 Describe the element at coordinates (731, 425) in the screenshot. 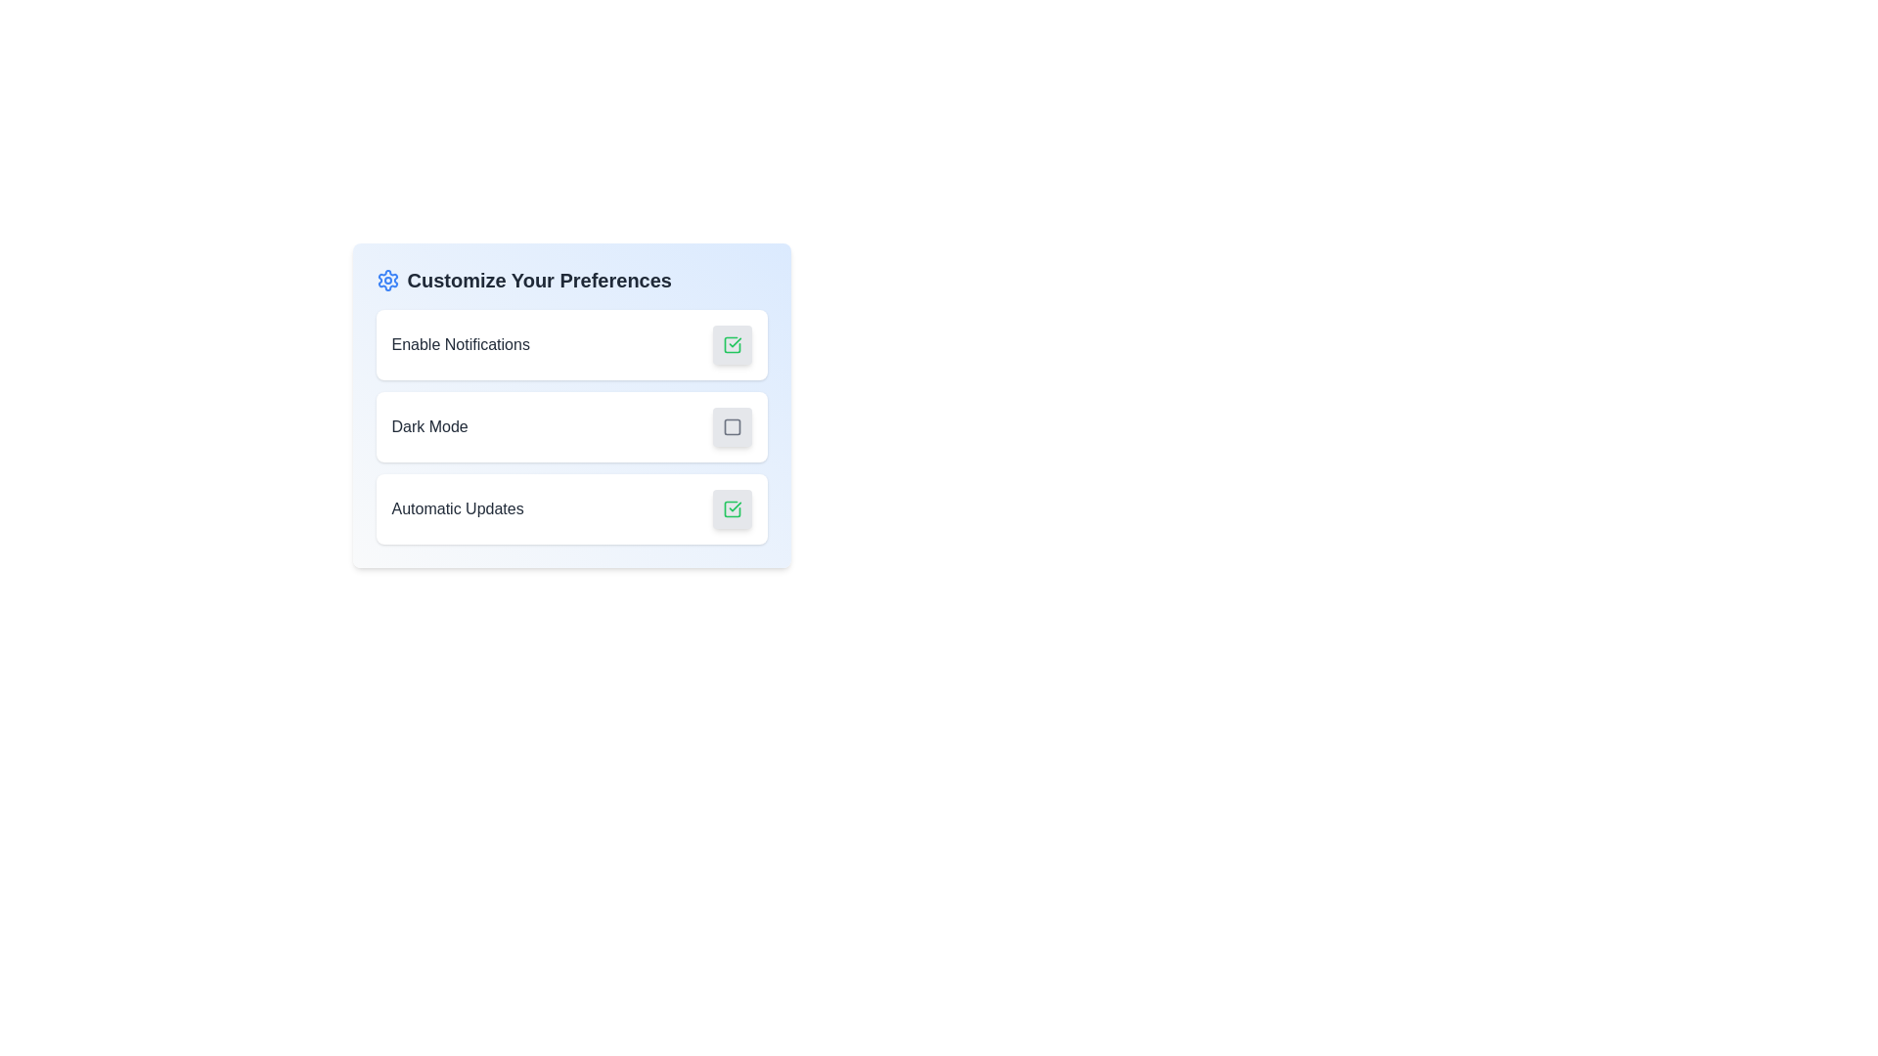

I see `the checkbox located in the 'Dark Mode' row of the 'Customize Your Preferences' panel` at that location.